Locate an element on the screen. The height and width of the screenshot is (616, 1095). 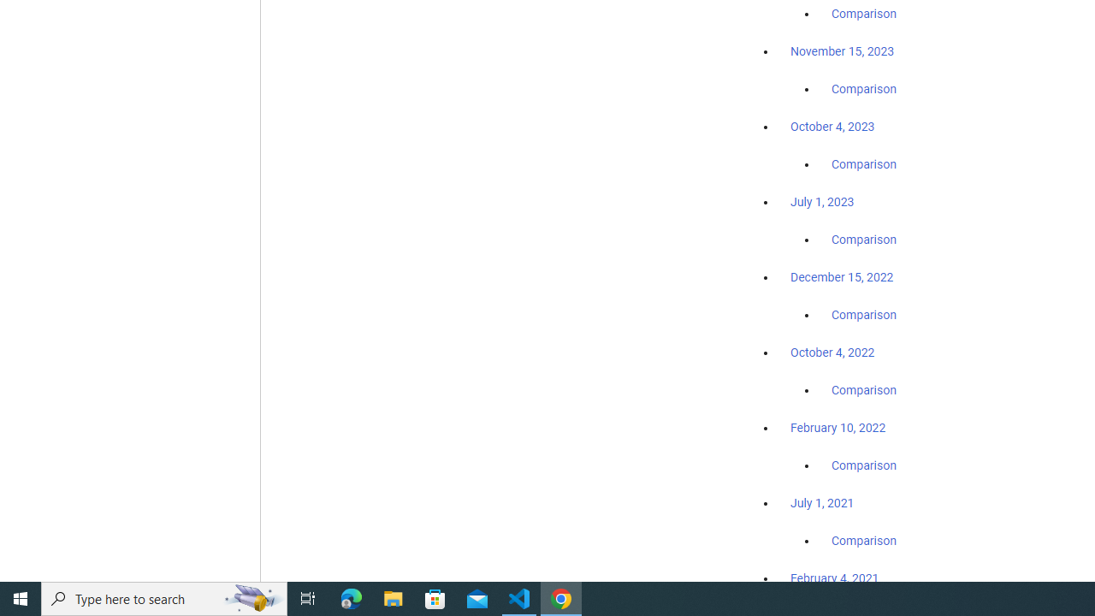
'July 1, 2023' is located at coordinates (822, 201).